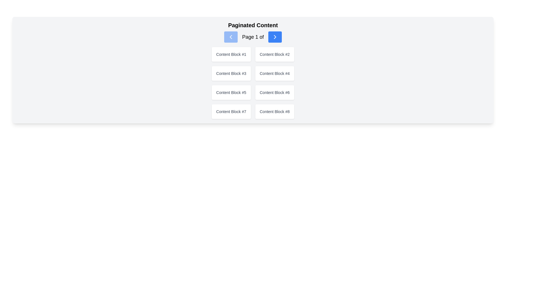  Describe the element at coordinates (274, 73) in the screenshot. I see `the text label displaying 'Content Block #4', which is styled in a smaller gray font and located in the second column of the second row of a grid structure` at that location.